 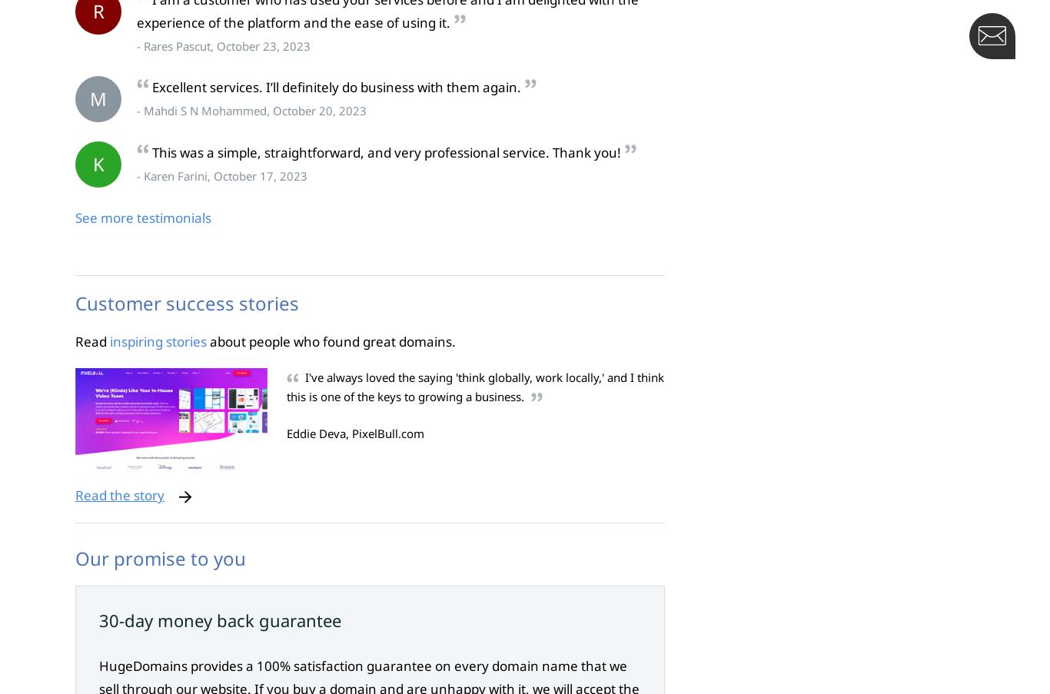 What do you see at coordinates (251, 110) in the screenshot?
I see `'- Mahdi S N Mohammed, October 20, 2023'` at bounding box center [251, 110].